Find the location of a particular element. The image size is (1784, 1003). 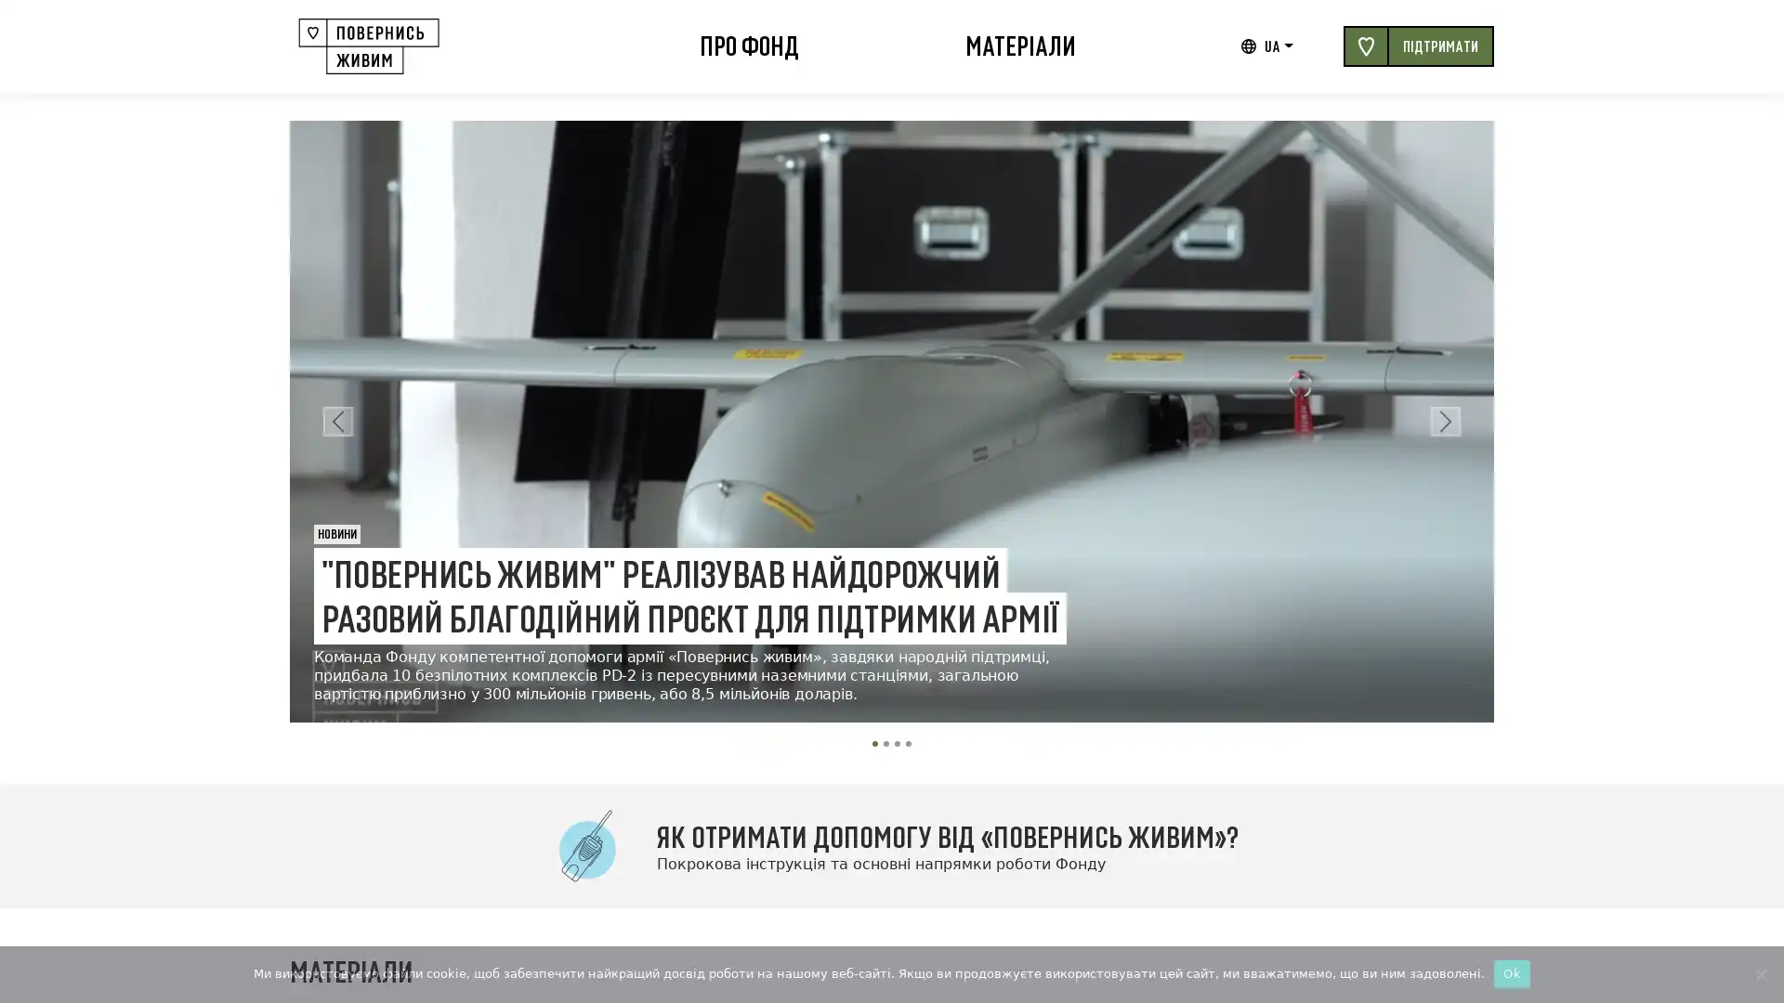

1 is located at coordinates (885, 743).